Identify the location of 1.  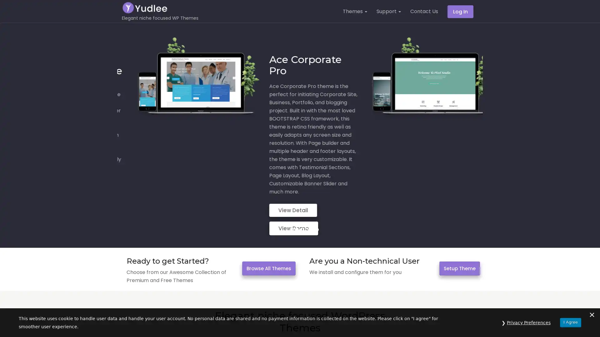
(291, 186).